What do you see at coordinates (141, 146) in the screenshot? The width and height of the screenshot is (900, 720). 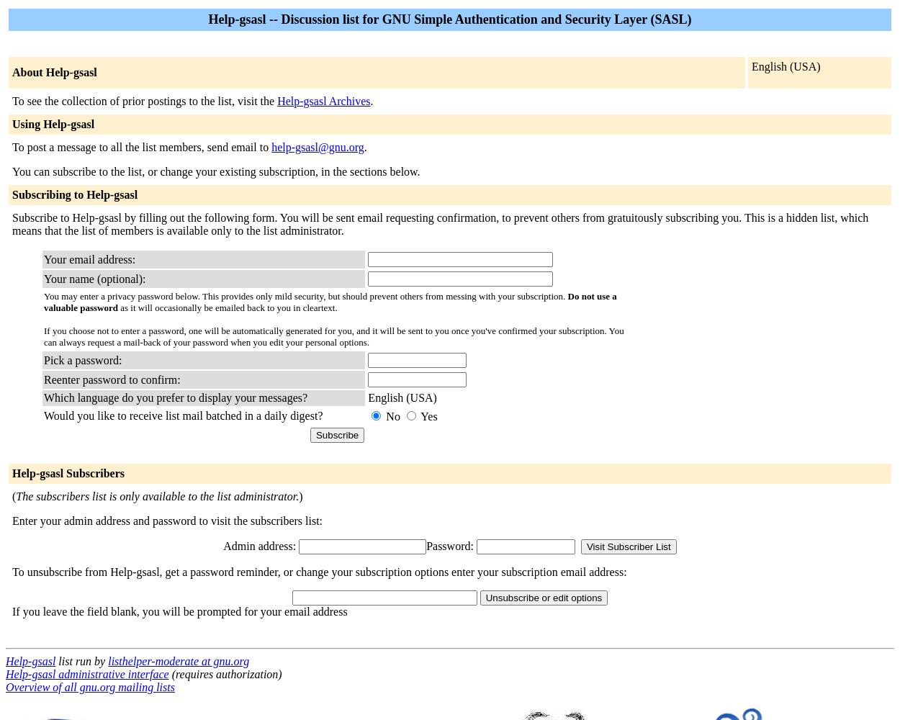 I see `'To post a message to all the list members, send email to'` at bounding box center [141, 146].